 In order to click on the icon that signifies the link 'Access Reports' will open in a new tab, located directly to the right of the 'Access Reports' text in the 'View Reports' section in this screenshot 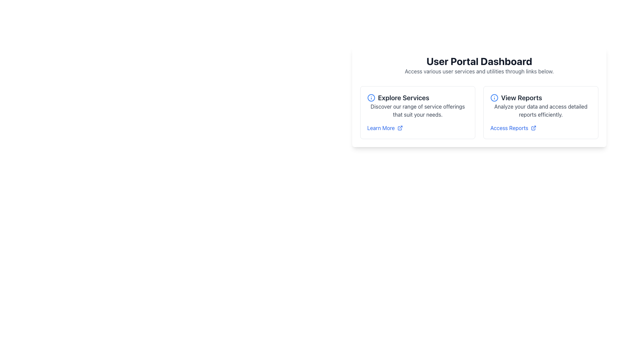, I will do `click(533, 128)`.